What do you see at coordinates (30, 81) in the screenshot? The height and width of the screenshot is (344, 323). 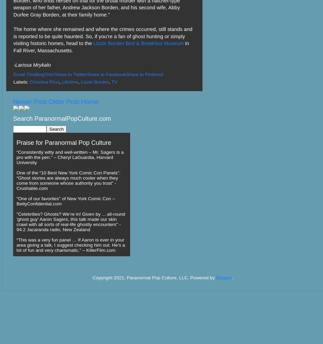 I see `'Christina Ricci'` at bounding box center [30, 81].